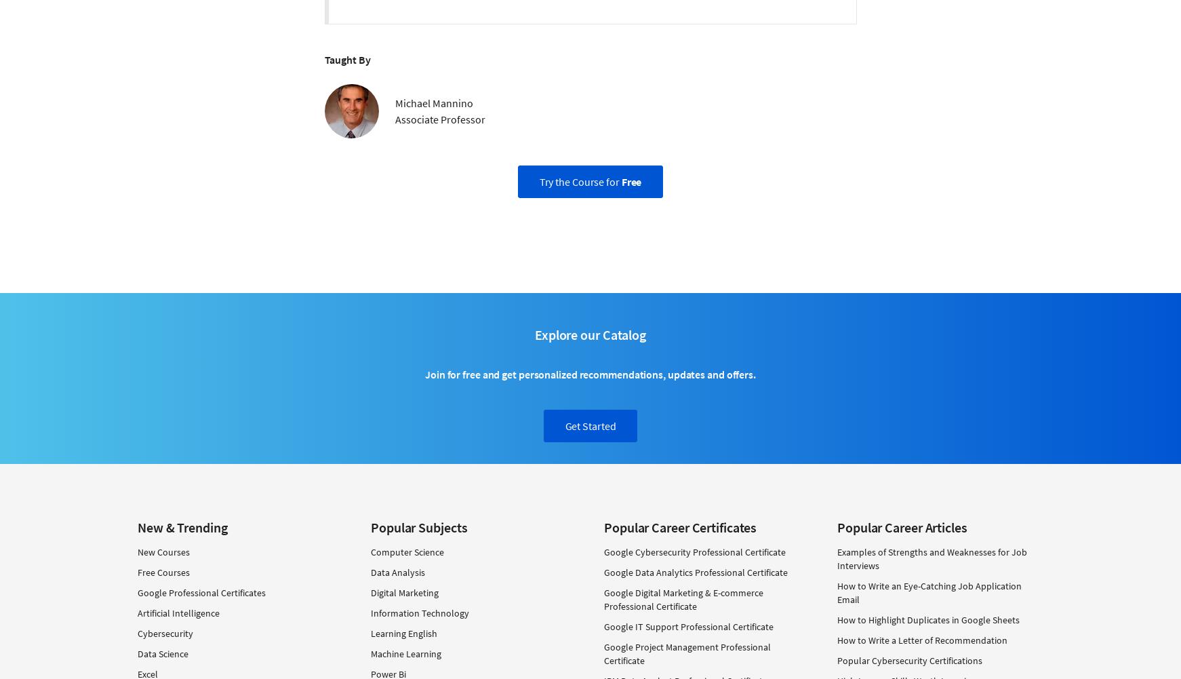  Describe the element at coordinates (922, 640) in the screenshot. I see `'How to Write a Letter of Recommendation'` at that location.